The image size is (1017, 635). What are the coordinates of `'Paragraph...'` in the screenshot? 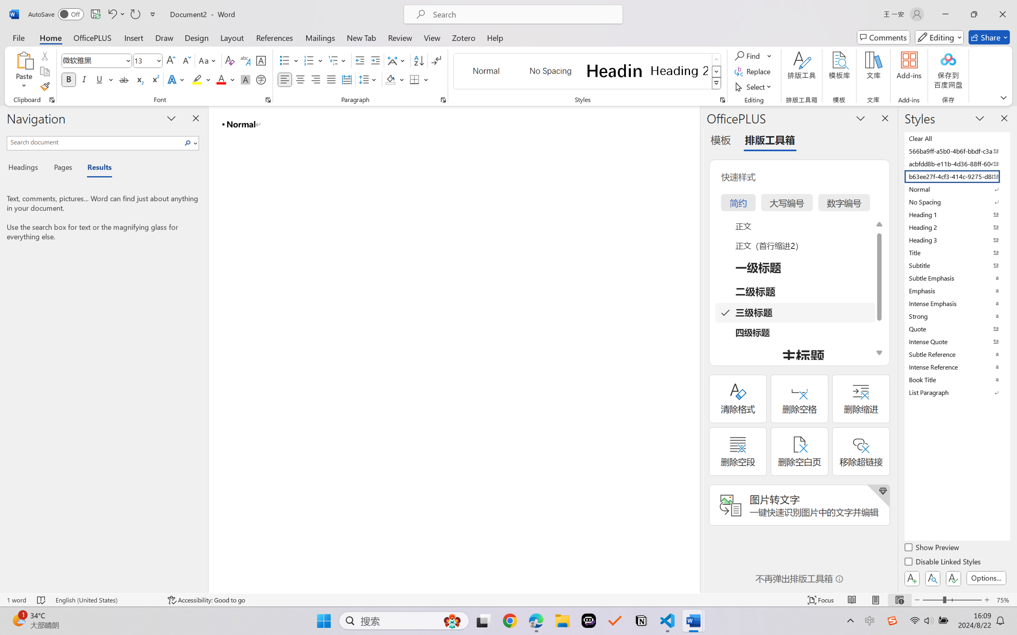 It's located at (443, 100).